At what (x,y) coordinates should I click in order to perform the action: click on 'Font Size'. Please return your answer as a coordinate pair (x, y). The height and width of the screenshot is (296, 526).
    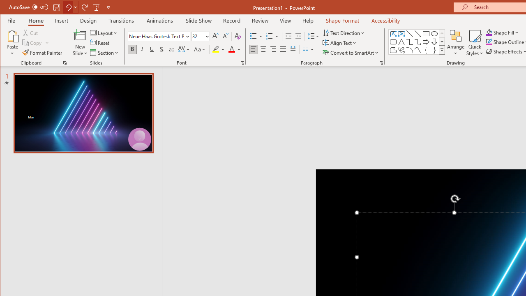
    Looking at the image, I should click on (200, 36).